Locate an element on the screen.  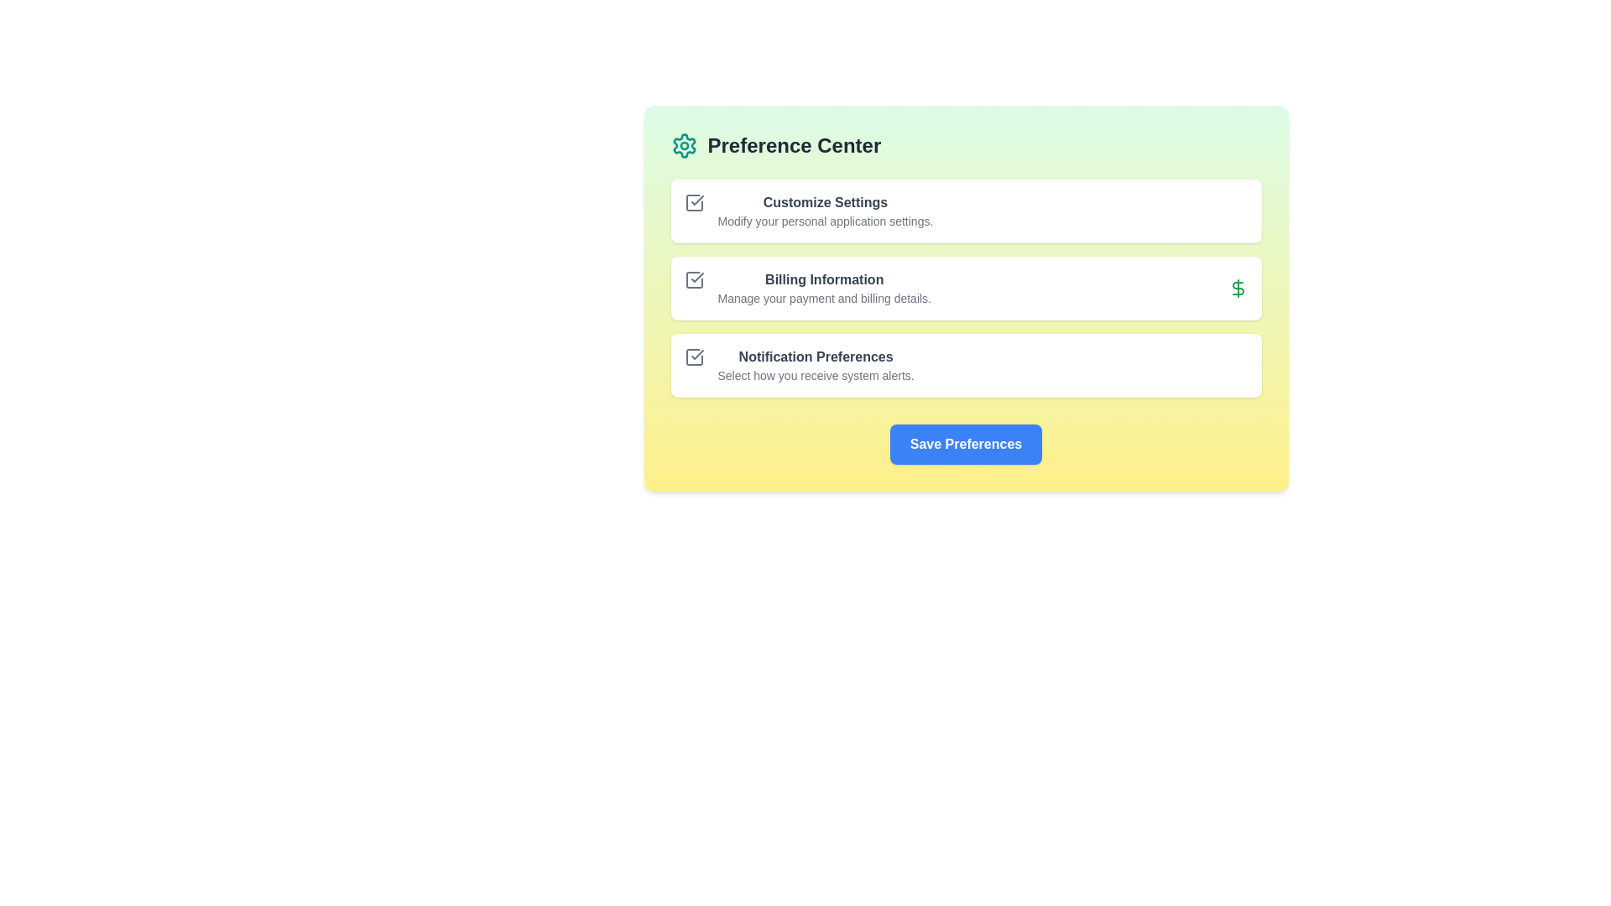
the Text Label that serves as a header for the settings option is located at coordinates (825, 202).